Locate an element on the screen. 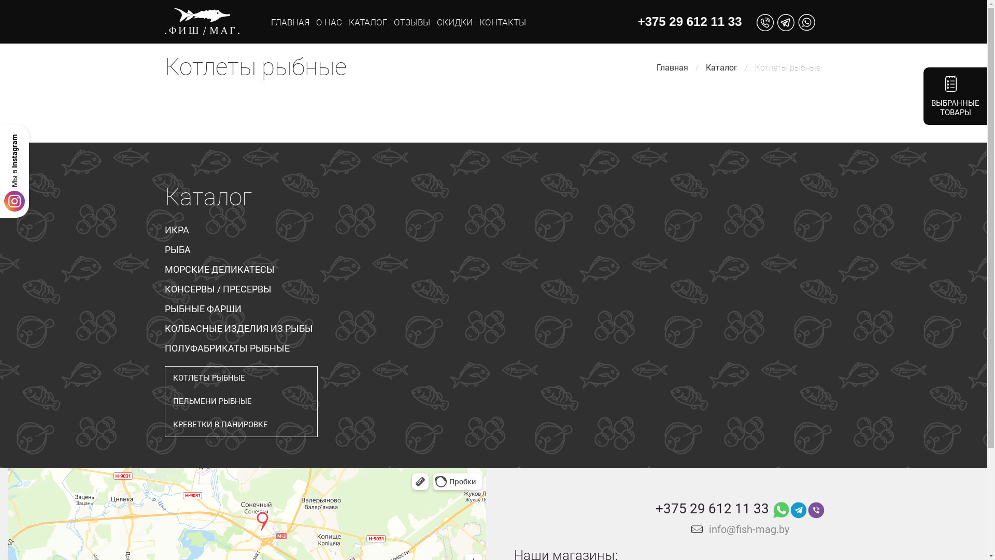  '+375 29 612 11 33' is located at coordinates (712, 512).